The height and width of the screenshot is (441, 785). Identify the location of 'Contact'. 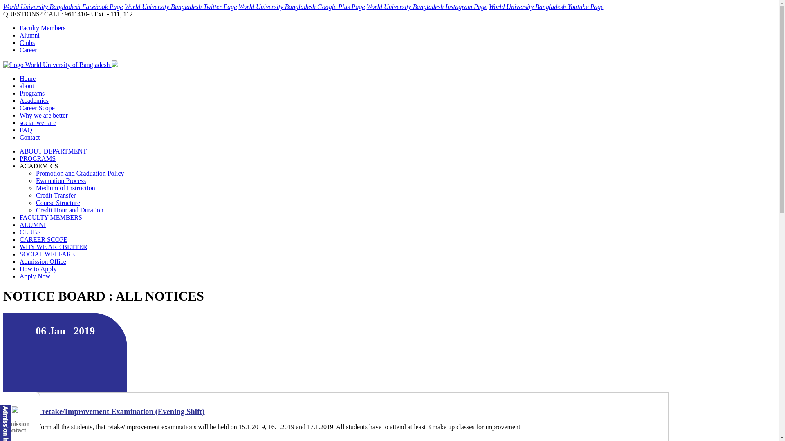
(20, 137).